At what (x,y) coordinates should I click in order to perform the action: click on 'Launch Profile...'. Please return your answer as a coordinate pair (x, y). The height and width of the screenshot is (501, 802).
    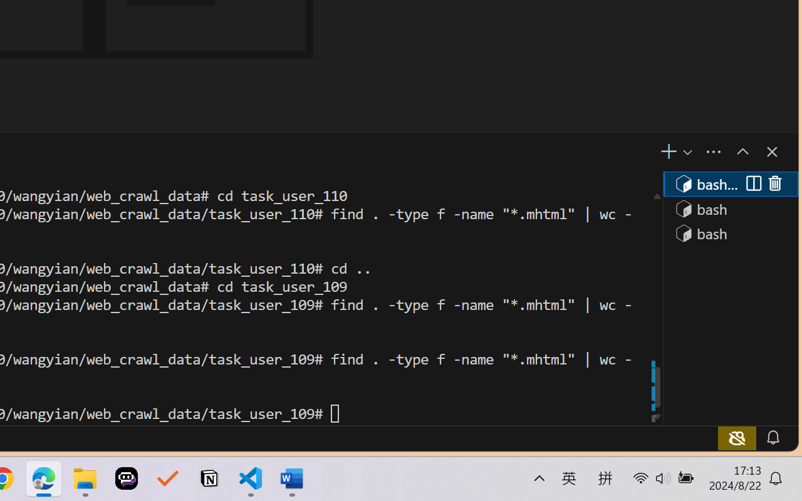
    Looking at the image, I should click on (686, 152).